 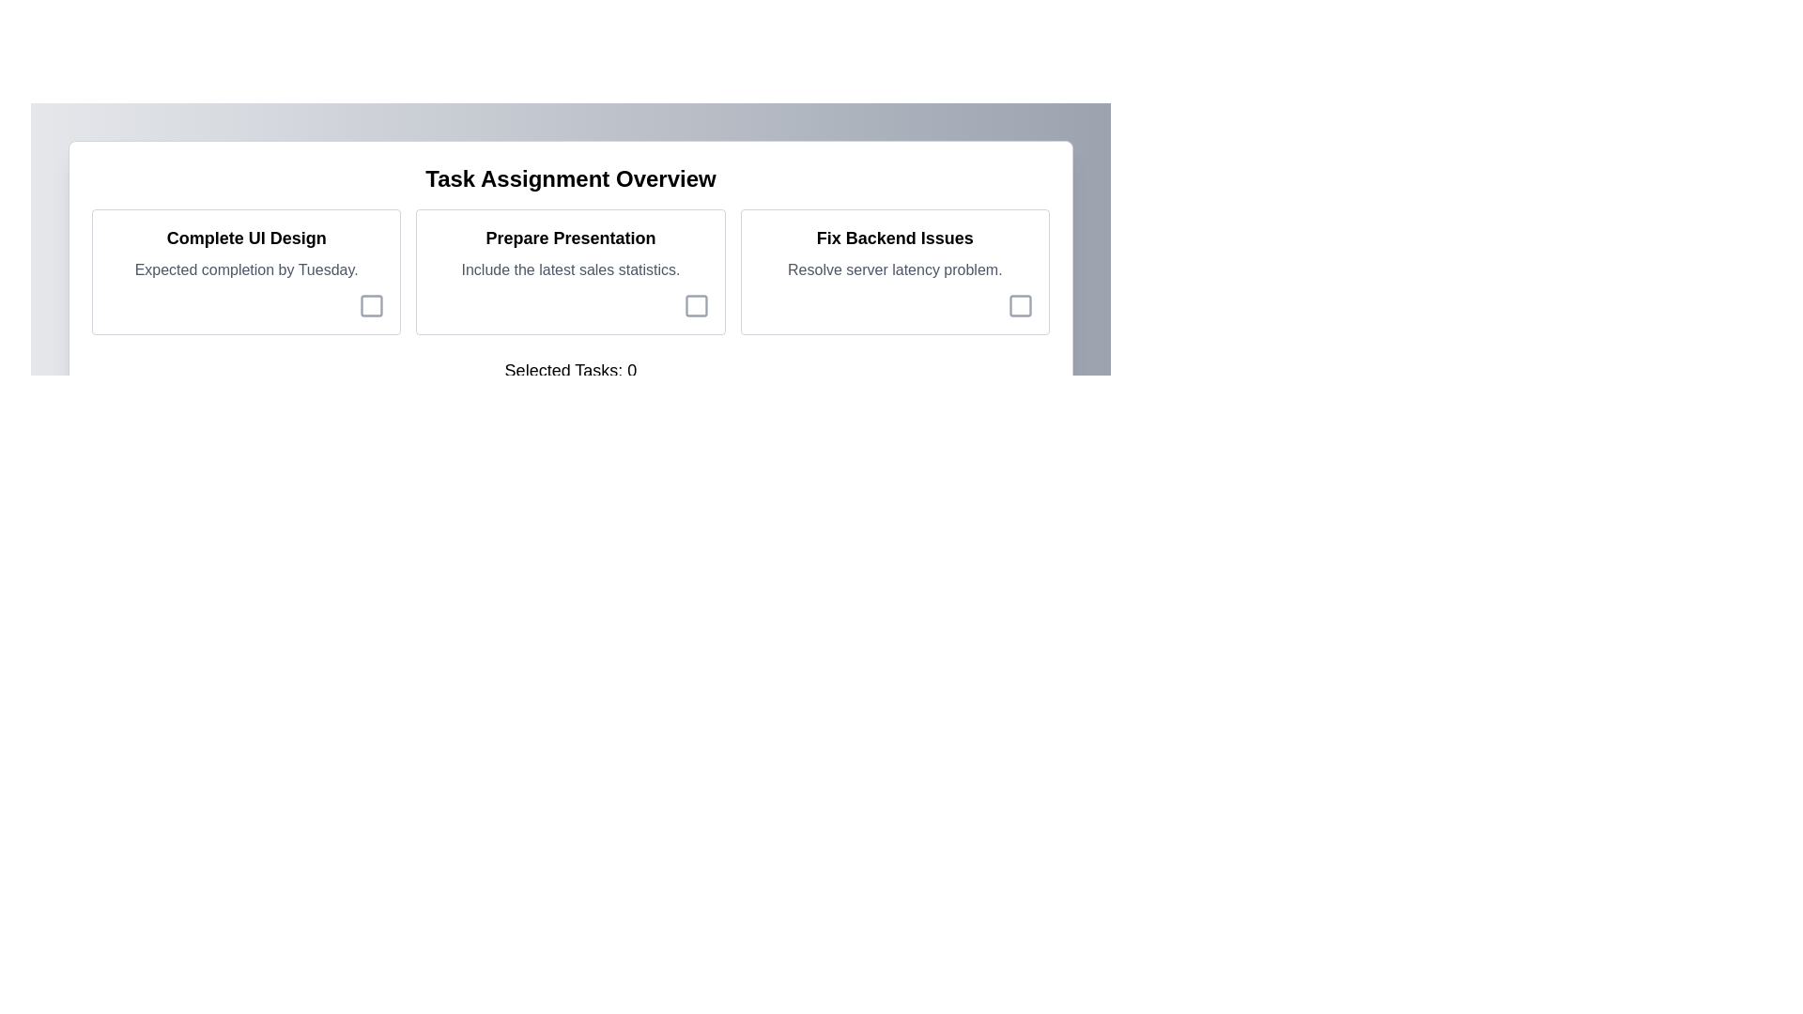 I want to click on the task card labeled 'Fix Backend Issues', so click(x=894, y=271).